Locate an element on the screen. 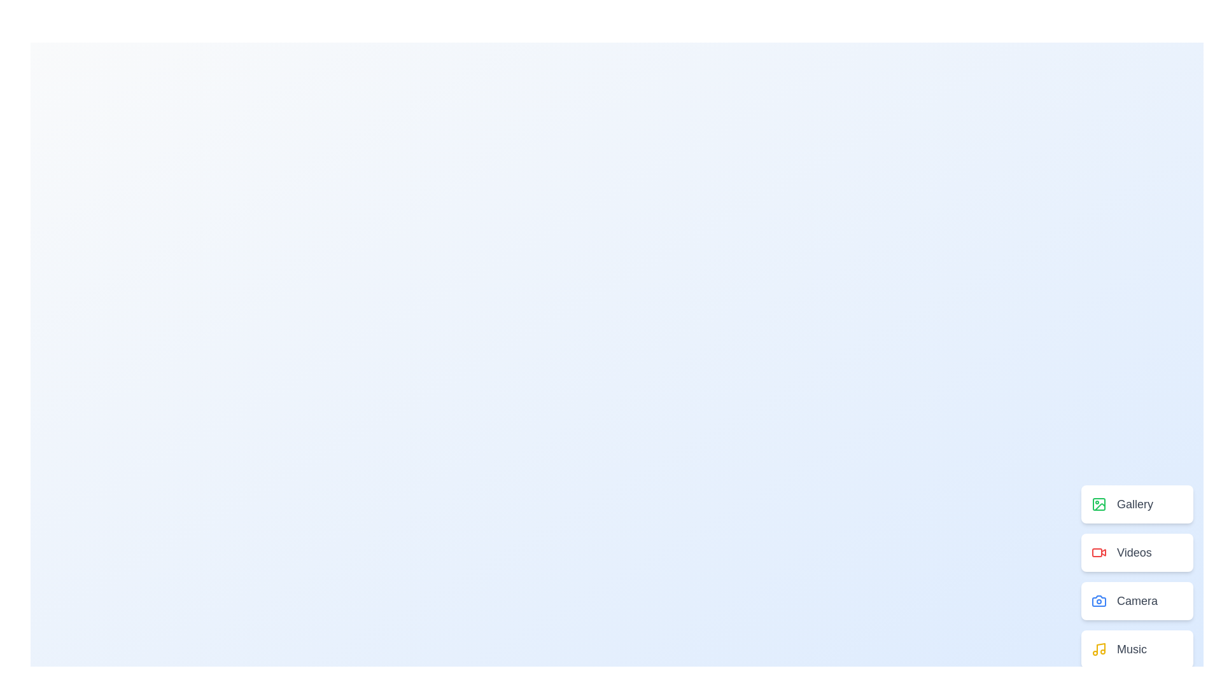 Image resolution: width=1222 pixels, height=687 pixels. the menu option labeled Music is located at coordinates (1137, 649).